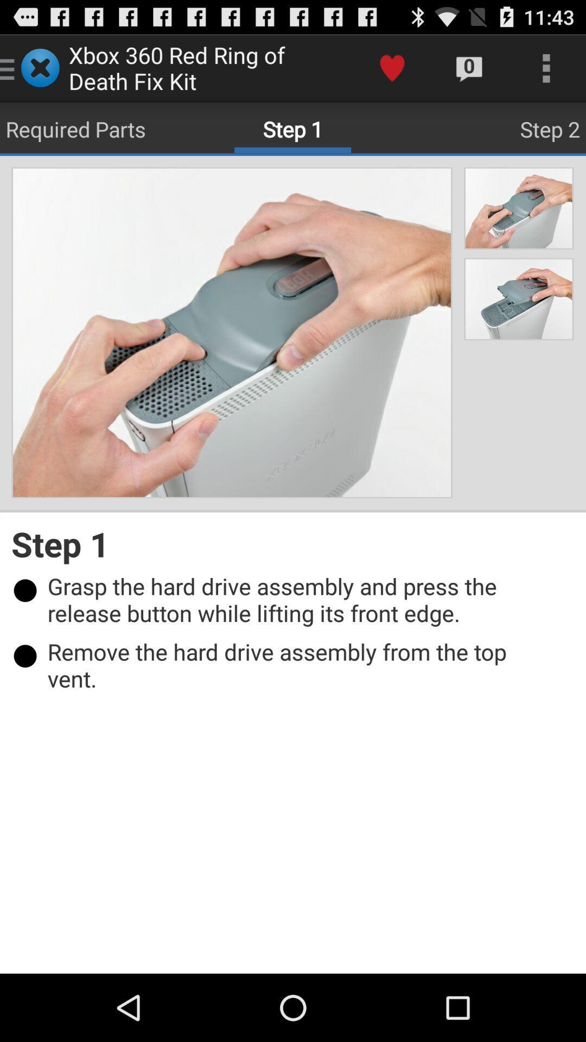  What do you see at coordinates (392, 67) in the screenshot?
I see `the item next to the xbox 360 red` at bounding box center [392, 67].